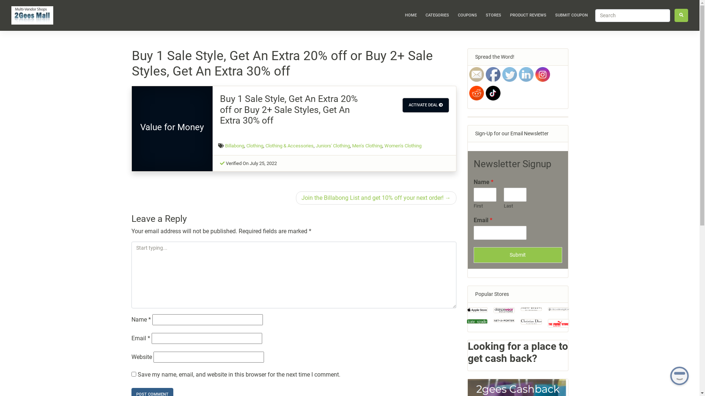 The height and width of the screenshot is (396, 705). Describe the element at coordinates (367, 146) in the screenshot. I see `'Men's Clothing'` at that location.